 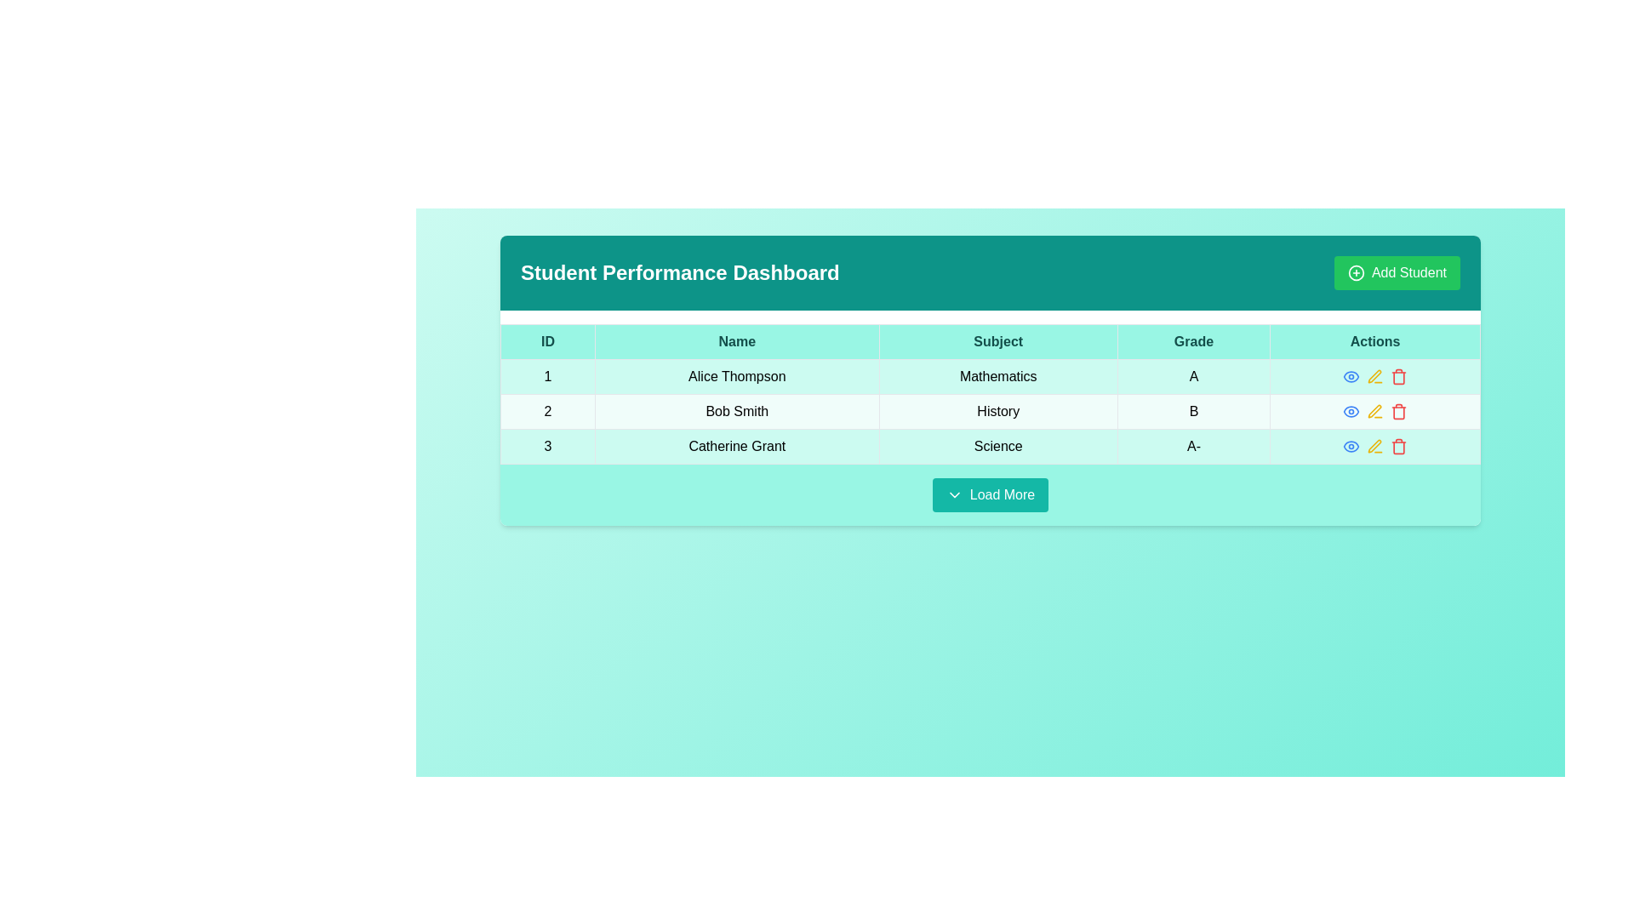 What do you see at coordinates (990, 341) in the screenshot?
I see `the Table Header Row of the Student Performance Dashboard` at bounding box center [990, 341].